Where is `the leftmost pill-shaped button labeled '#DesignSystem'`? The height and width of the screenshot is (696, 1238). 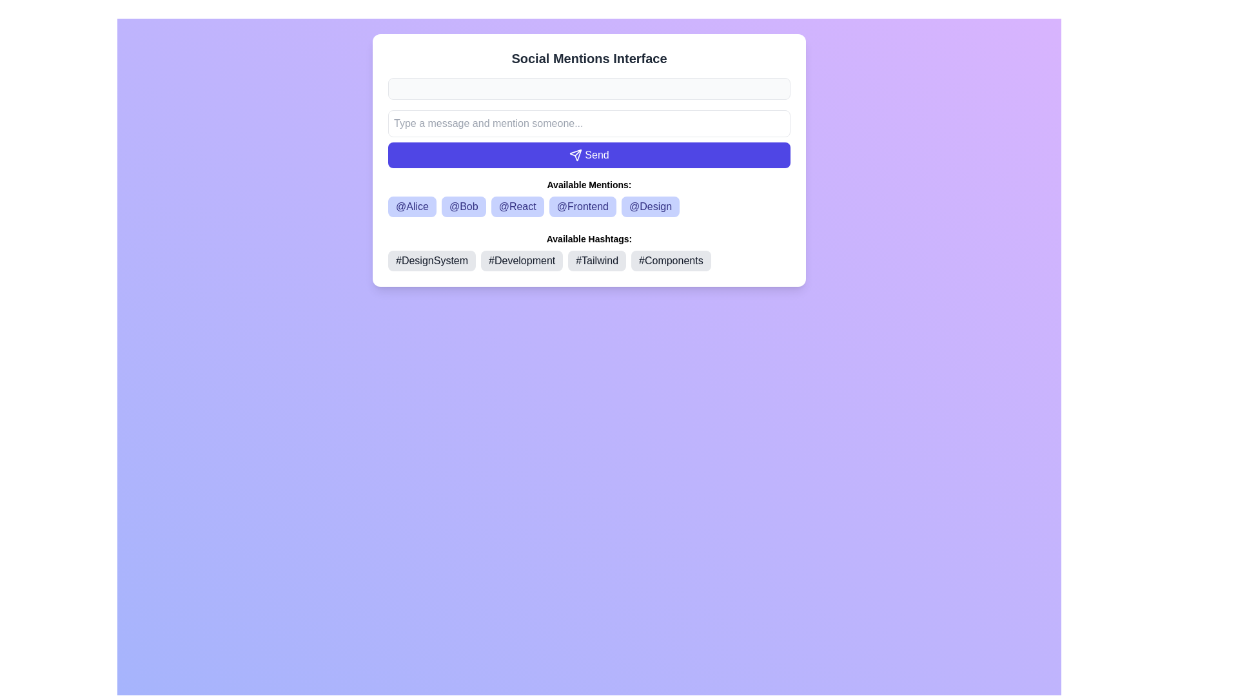
the leftmost pill-shaped button labeled '#DesignSystem' is located at coordinates (432, 261).